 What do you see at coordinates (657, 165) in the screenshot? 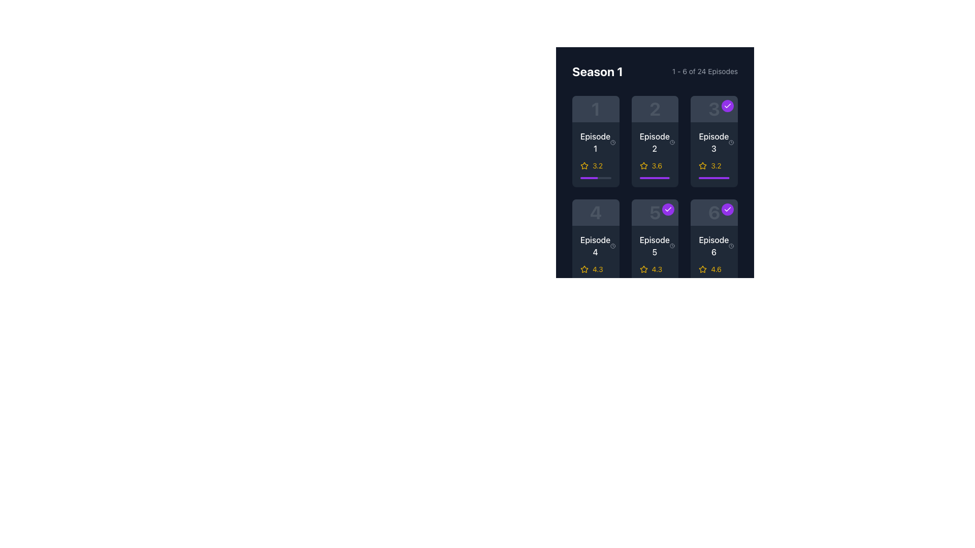
I see `the numerical rating text label for 'Episode 2'` at bounding box center [657, 165].